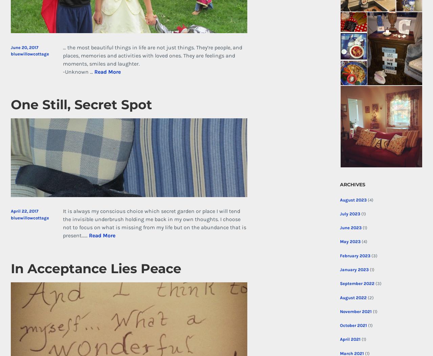 This screenshot has width=433, height=356. What do you see at coordinates (340, 283) in the screenshot?
I see `'September 2022'` at bounding box center [340, 283].